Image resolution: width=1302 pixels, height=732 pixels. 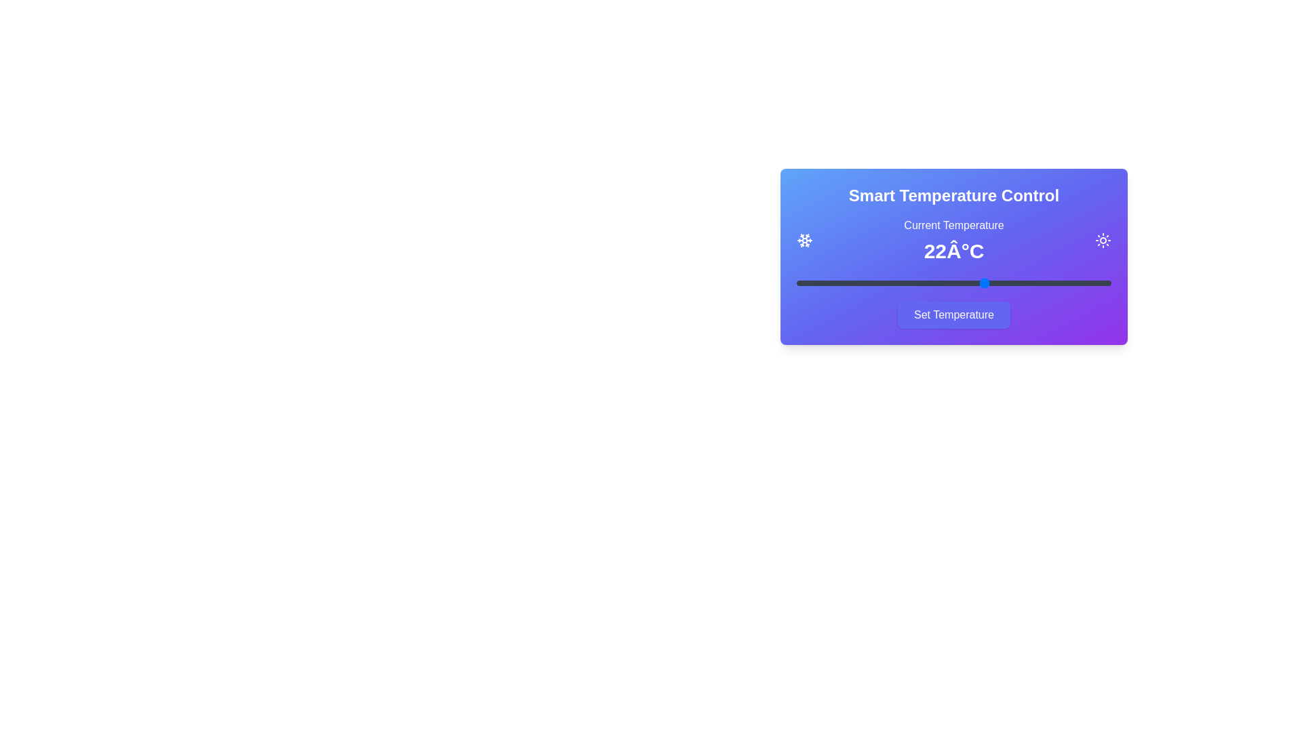 I want to click on the temperature slider, so click(x=985, y=282).